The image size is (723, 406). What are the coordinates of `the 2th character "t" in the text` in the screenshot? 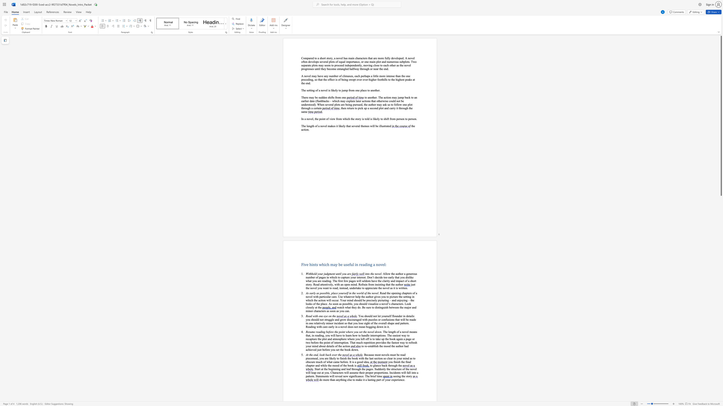 It's located at (371, 346).